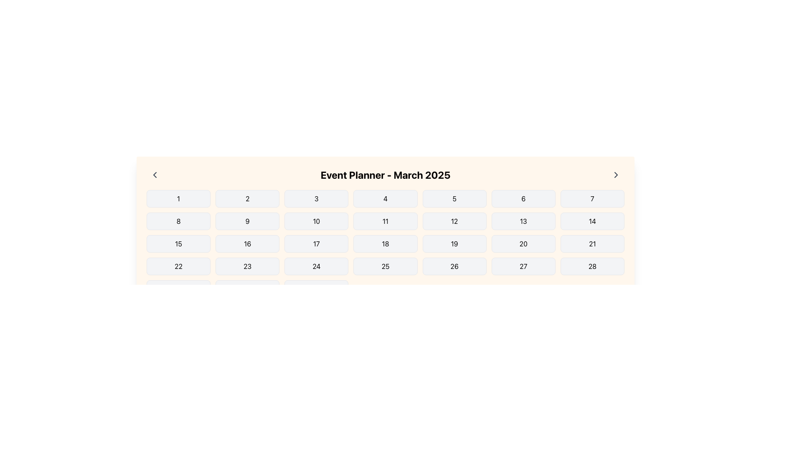 This screenshot has height=451, width=802. What do you see at coordinates (316, 243) in the screenshot?
I see `the date by clicking on the text element representing the 17th day of the month in the calendar interface` at bounding box center [316, 243].